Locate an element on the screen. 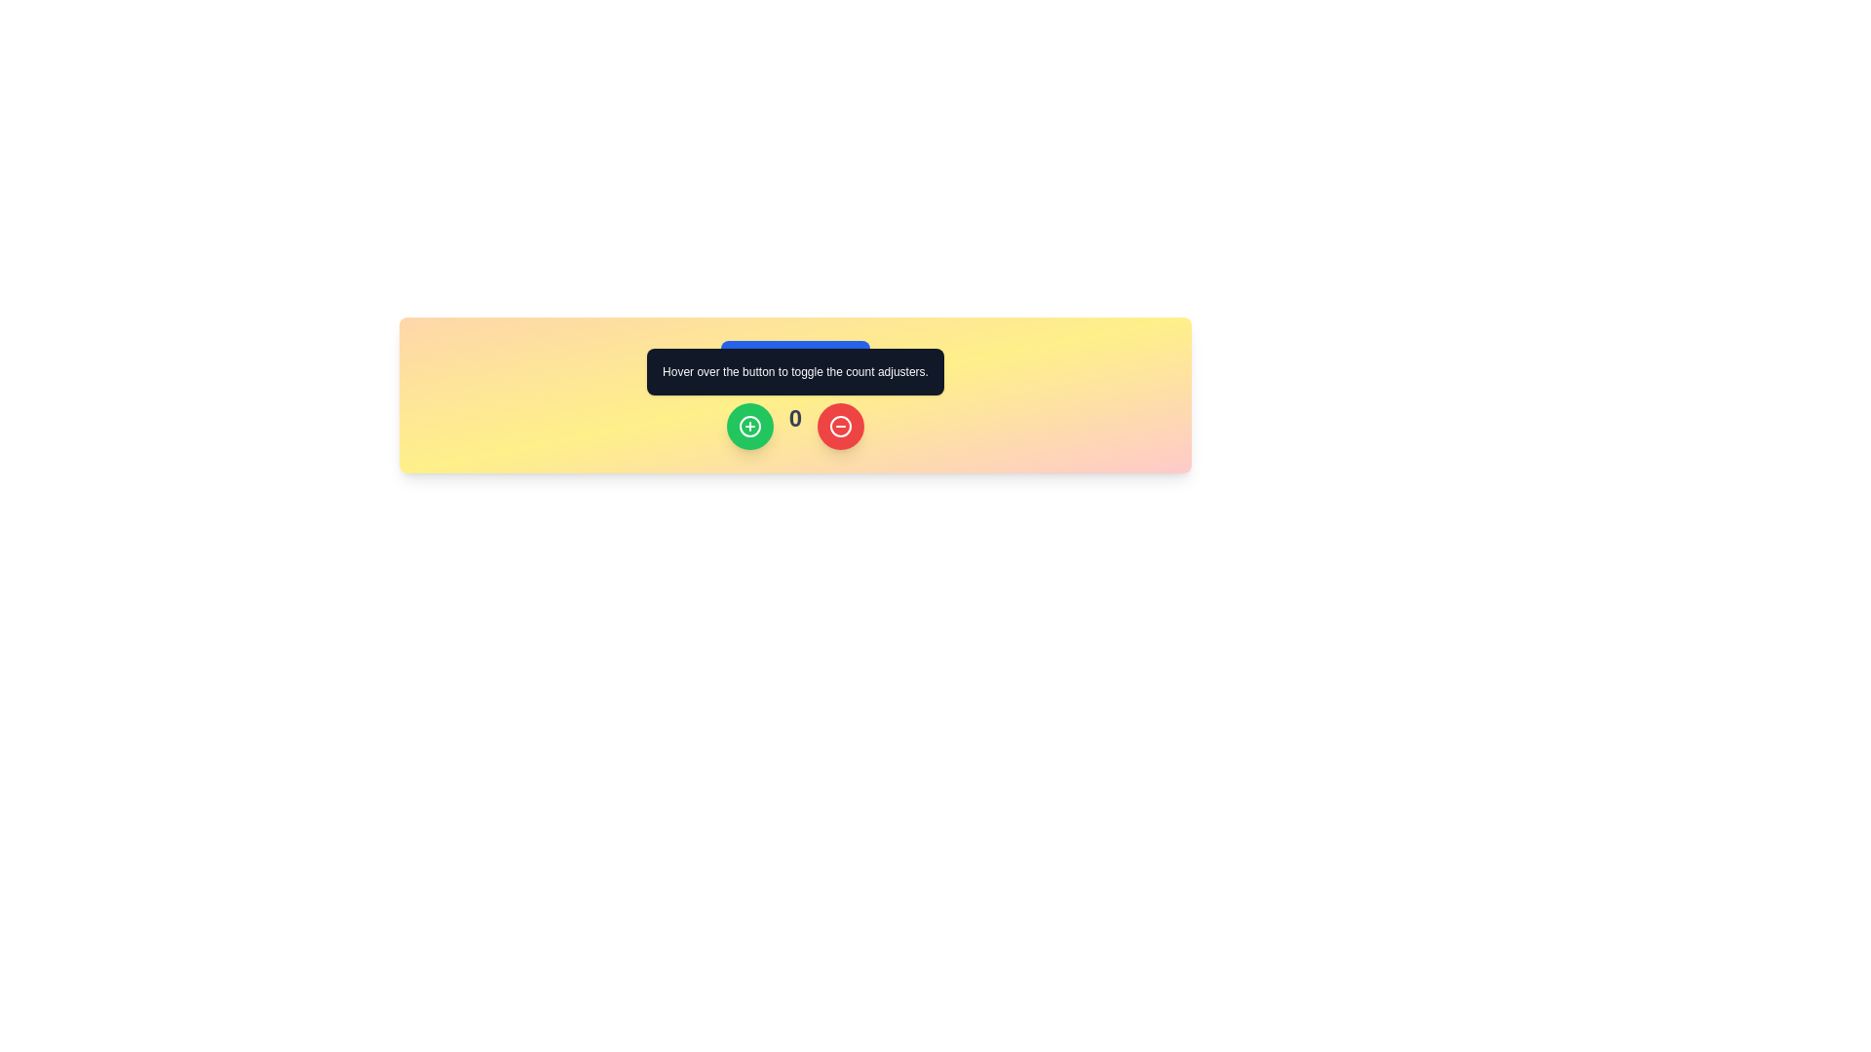 The image size is (1871, 1052). the circular red button with a white minus sign to decrease the count is located at coordinates (841, 426).